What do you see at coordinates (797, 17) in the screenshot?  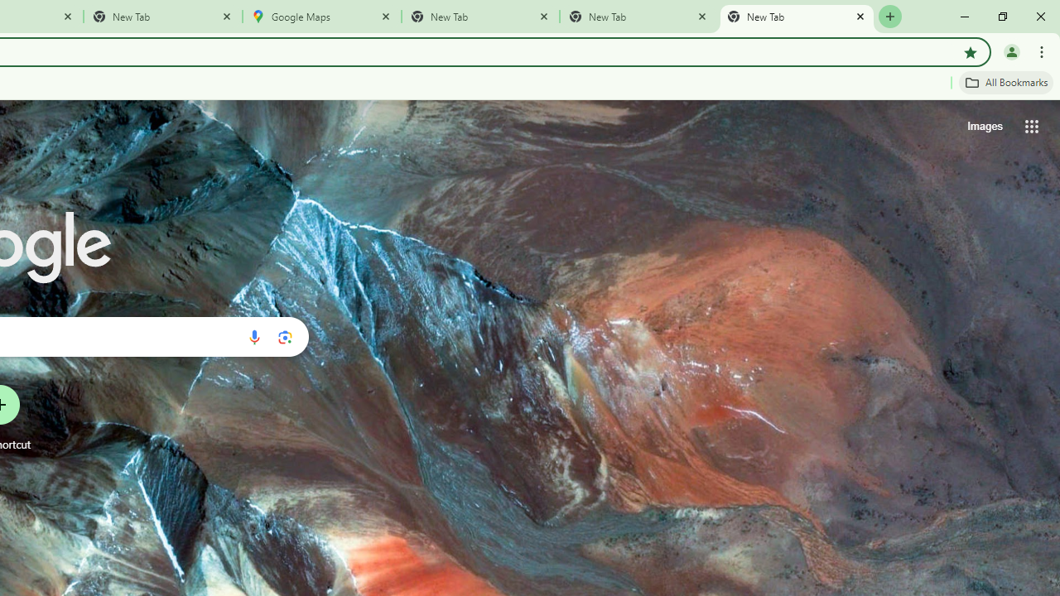 I see `'New Tab'` at bounding box center [797, 17].